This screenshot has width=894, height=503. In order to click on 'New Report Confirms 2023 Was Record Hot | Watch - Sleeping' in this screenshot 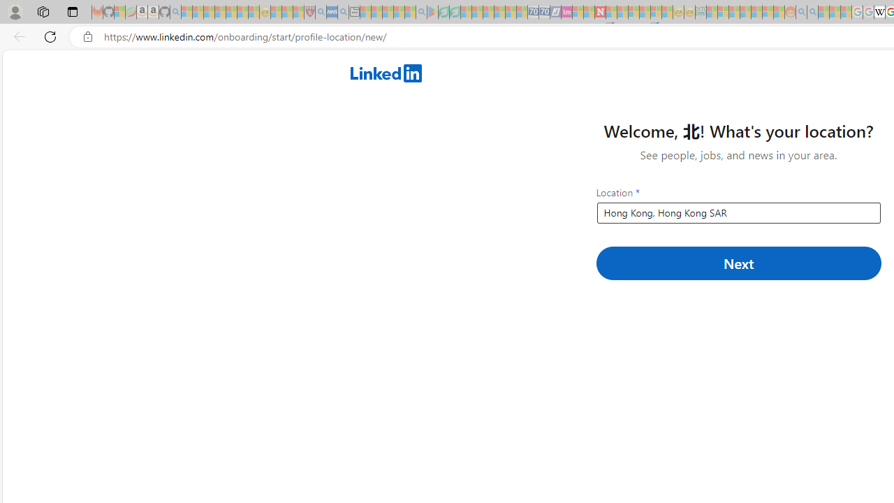, I will do `click(231, 12)`.